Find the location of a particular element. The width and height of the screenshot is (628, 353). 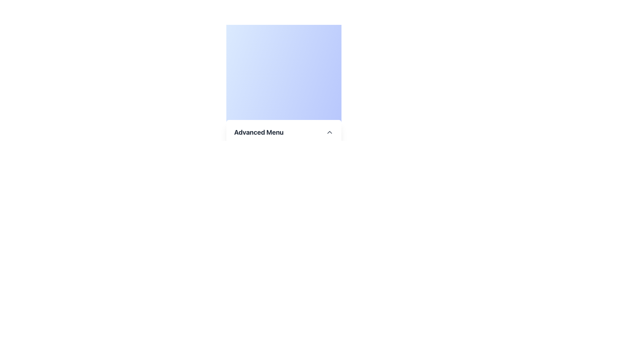

the upward-pointing chevron icon located at the right end of the 'Advanced Menu' section is located at coordinates (330, 132).